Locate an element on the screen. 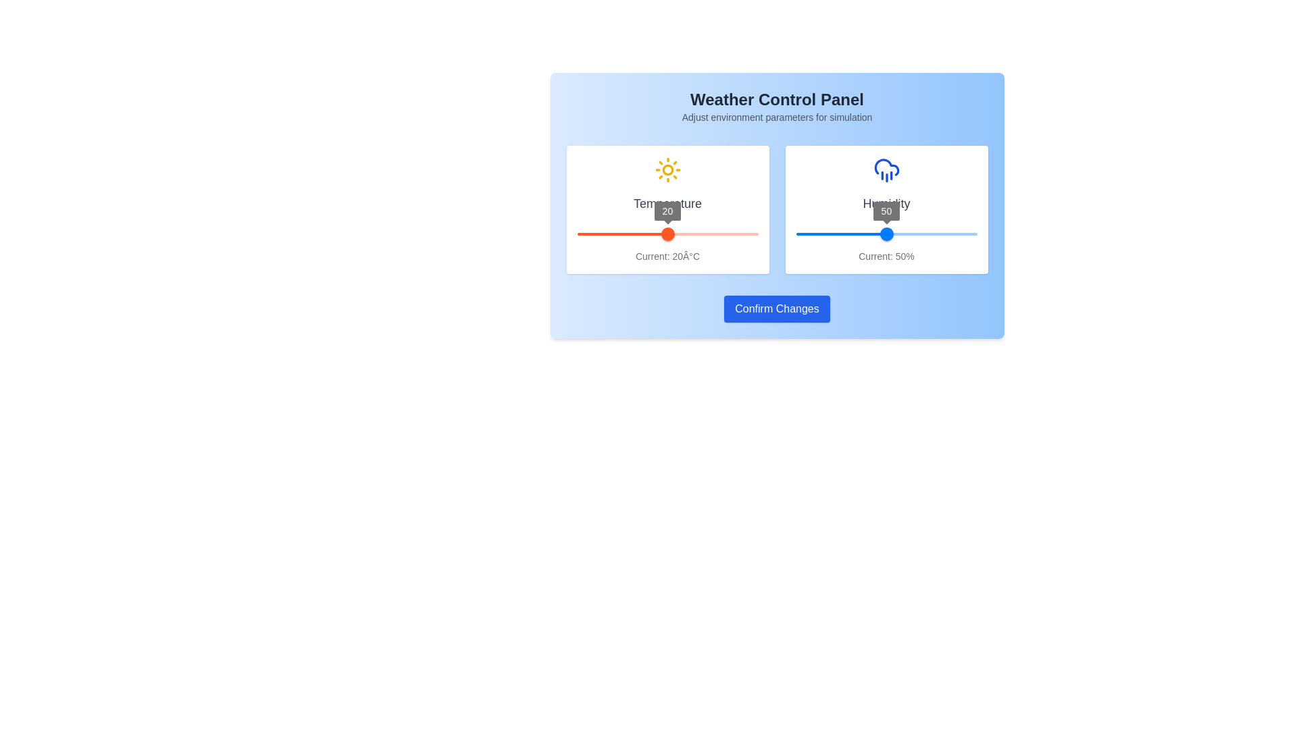 The image size is (1297, 729). the temperature is located at coordinates (625, 270).